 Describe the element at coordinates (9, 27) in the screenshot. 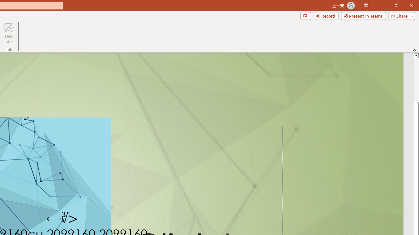

I see `'Hide Ink'` at that location.